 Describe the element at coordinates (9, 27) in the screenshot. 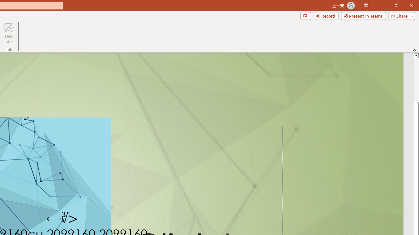

I see `'Hide Ink'` at that location.